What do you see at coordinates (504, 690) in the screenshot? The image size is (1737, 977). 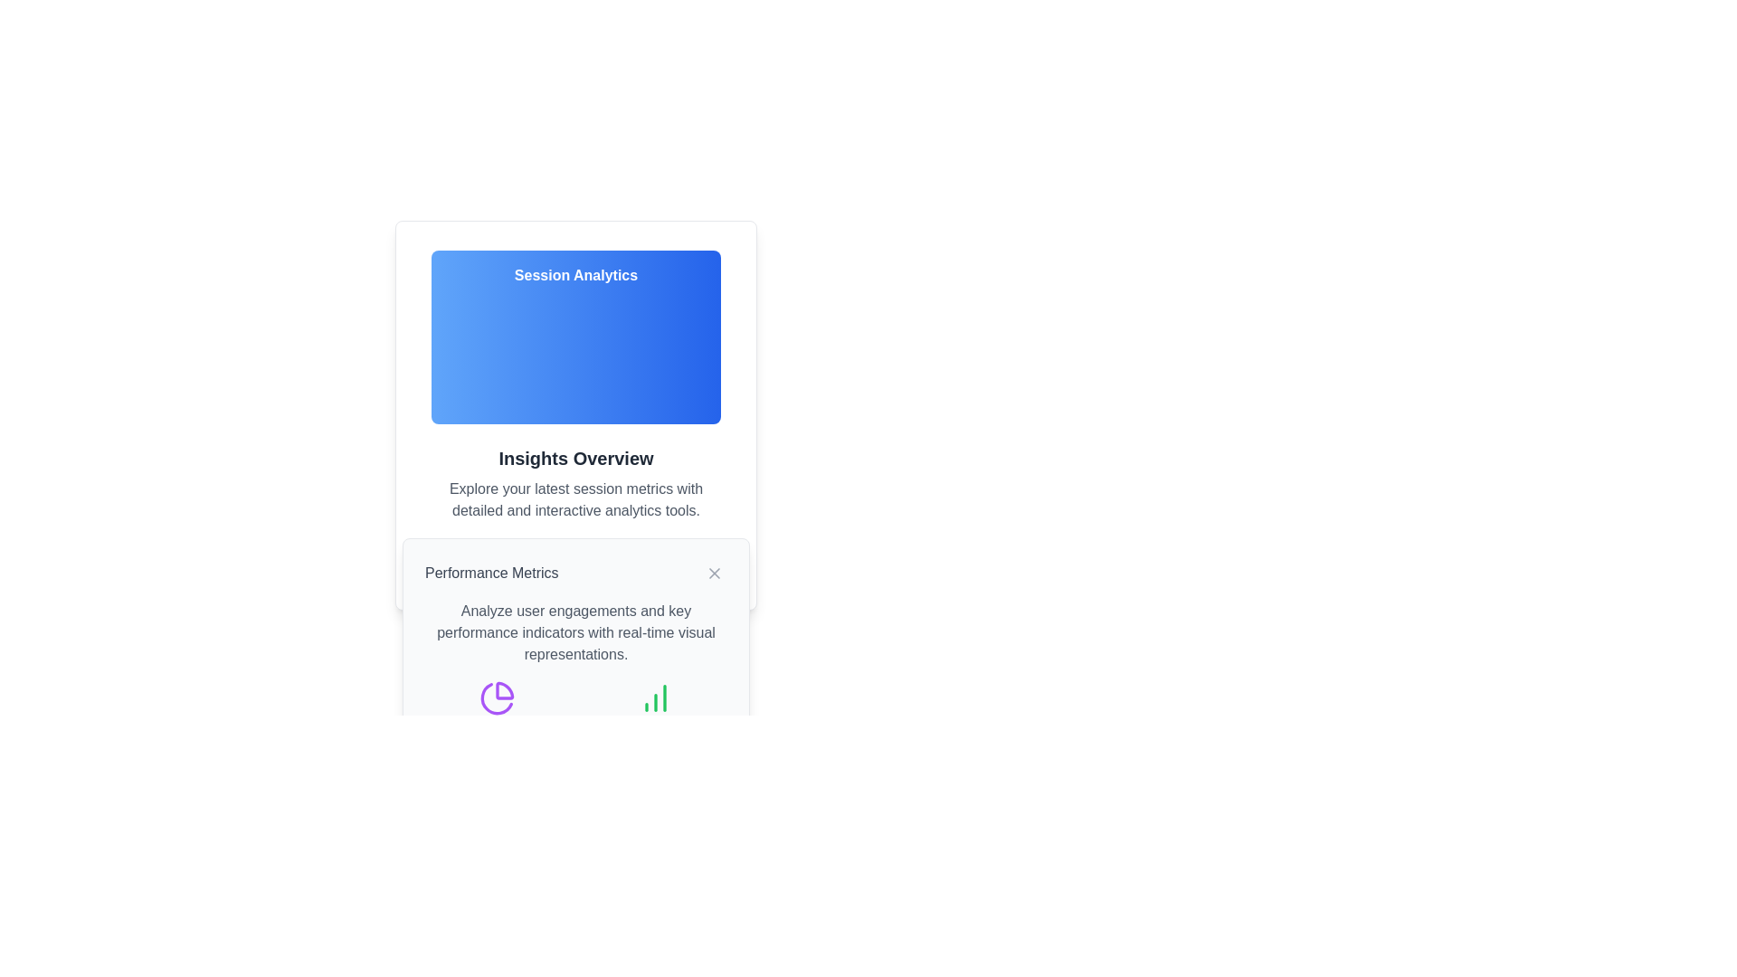 I see `properties of the rightmost segment of the pie chart icon located in the lower section of the 'Performance Metrics' card` at bounding box center [504, 690].